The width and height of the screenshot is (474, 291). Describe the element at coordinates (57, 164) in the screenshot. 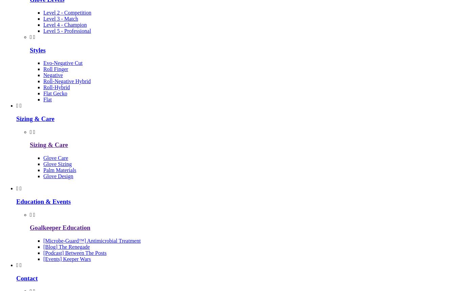

I see `'Glove Sizing'` at that location.